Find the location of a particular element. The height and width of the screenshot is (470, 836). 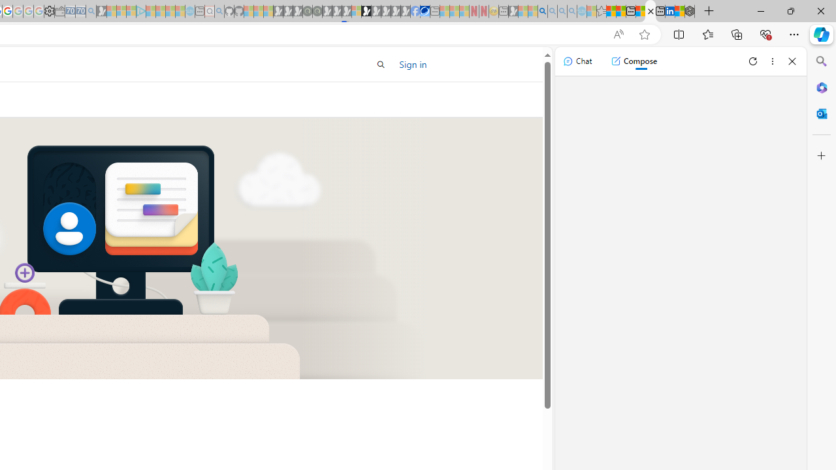

'Future Focus Report 2024 - Sleeping' is located at coordinates (317, 11).